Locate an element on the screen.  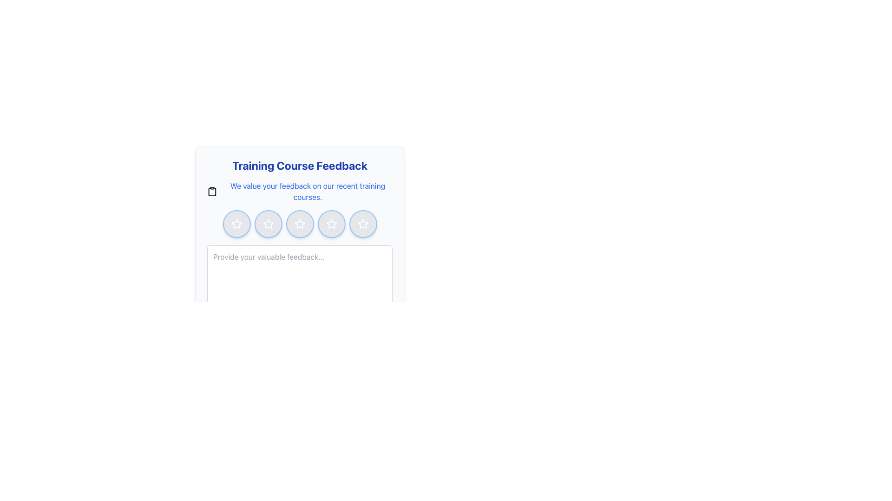
keyboard navigation is located at coordinates (236, 224).